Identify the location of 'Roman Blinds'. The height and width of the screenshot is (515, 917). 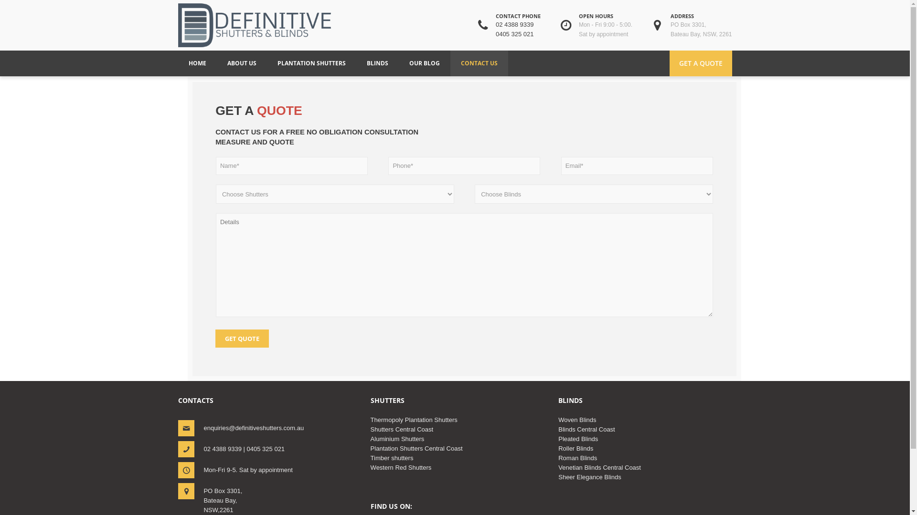
(577, 457).